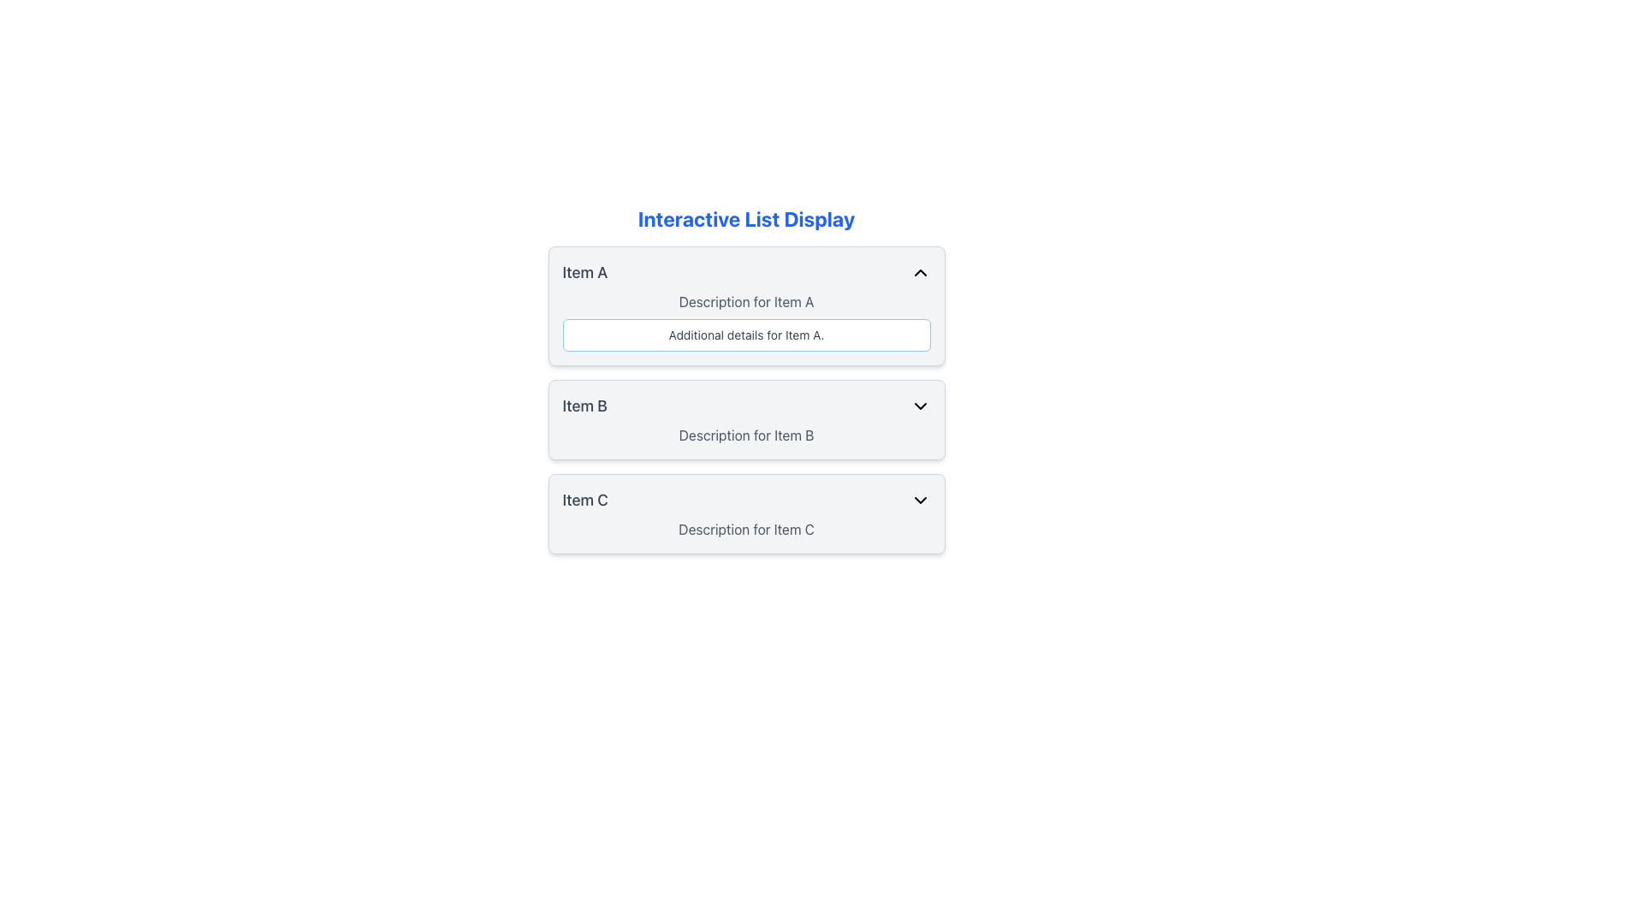  What do you see at coordinates (919, 406) in the screenshot?
I see `the downward-pointing chevron icon adjacent to the text 'Item B'` at bounding box center [919, 406].